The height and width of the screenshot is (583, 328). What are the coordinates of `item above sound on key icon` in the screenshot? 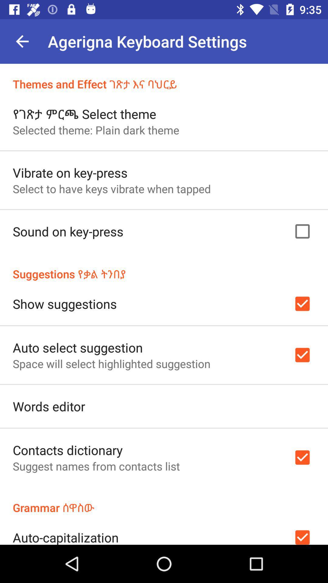 It's located at (112, 188).